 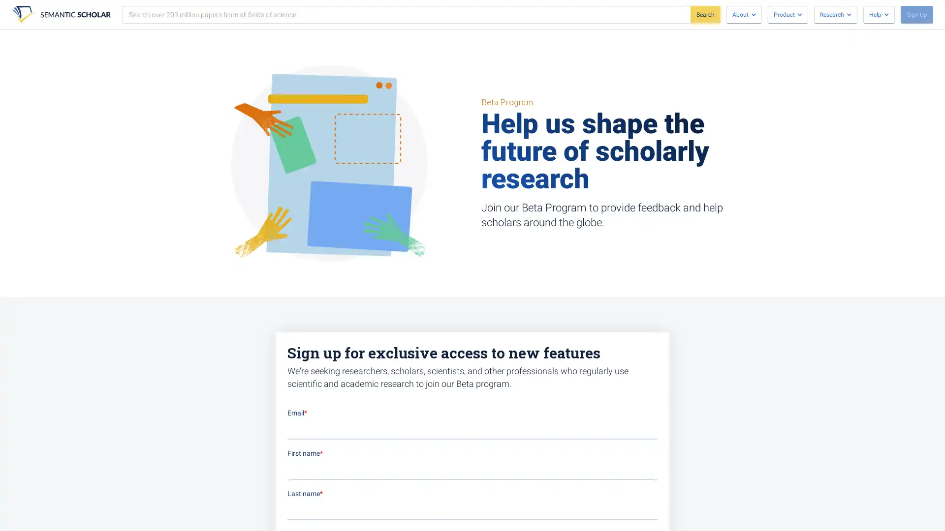 I want to click on Search, so click(x=705, y=15).